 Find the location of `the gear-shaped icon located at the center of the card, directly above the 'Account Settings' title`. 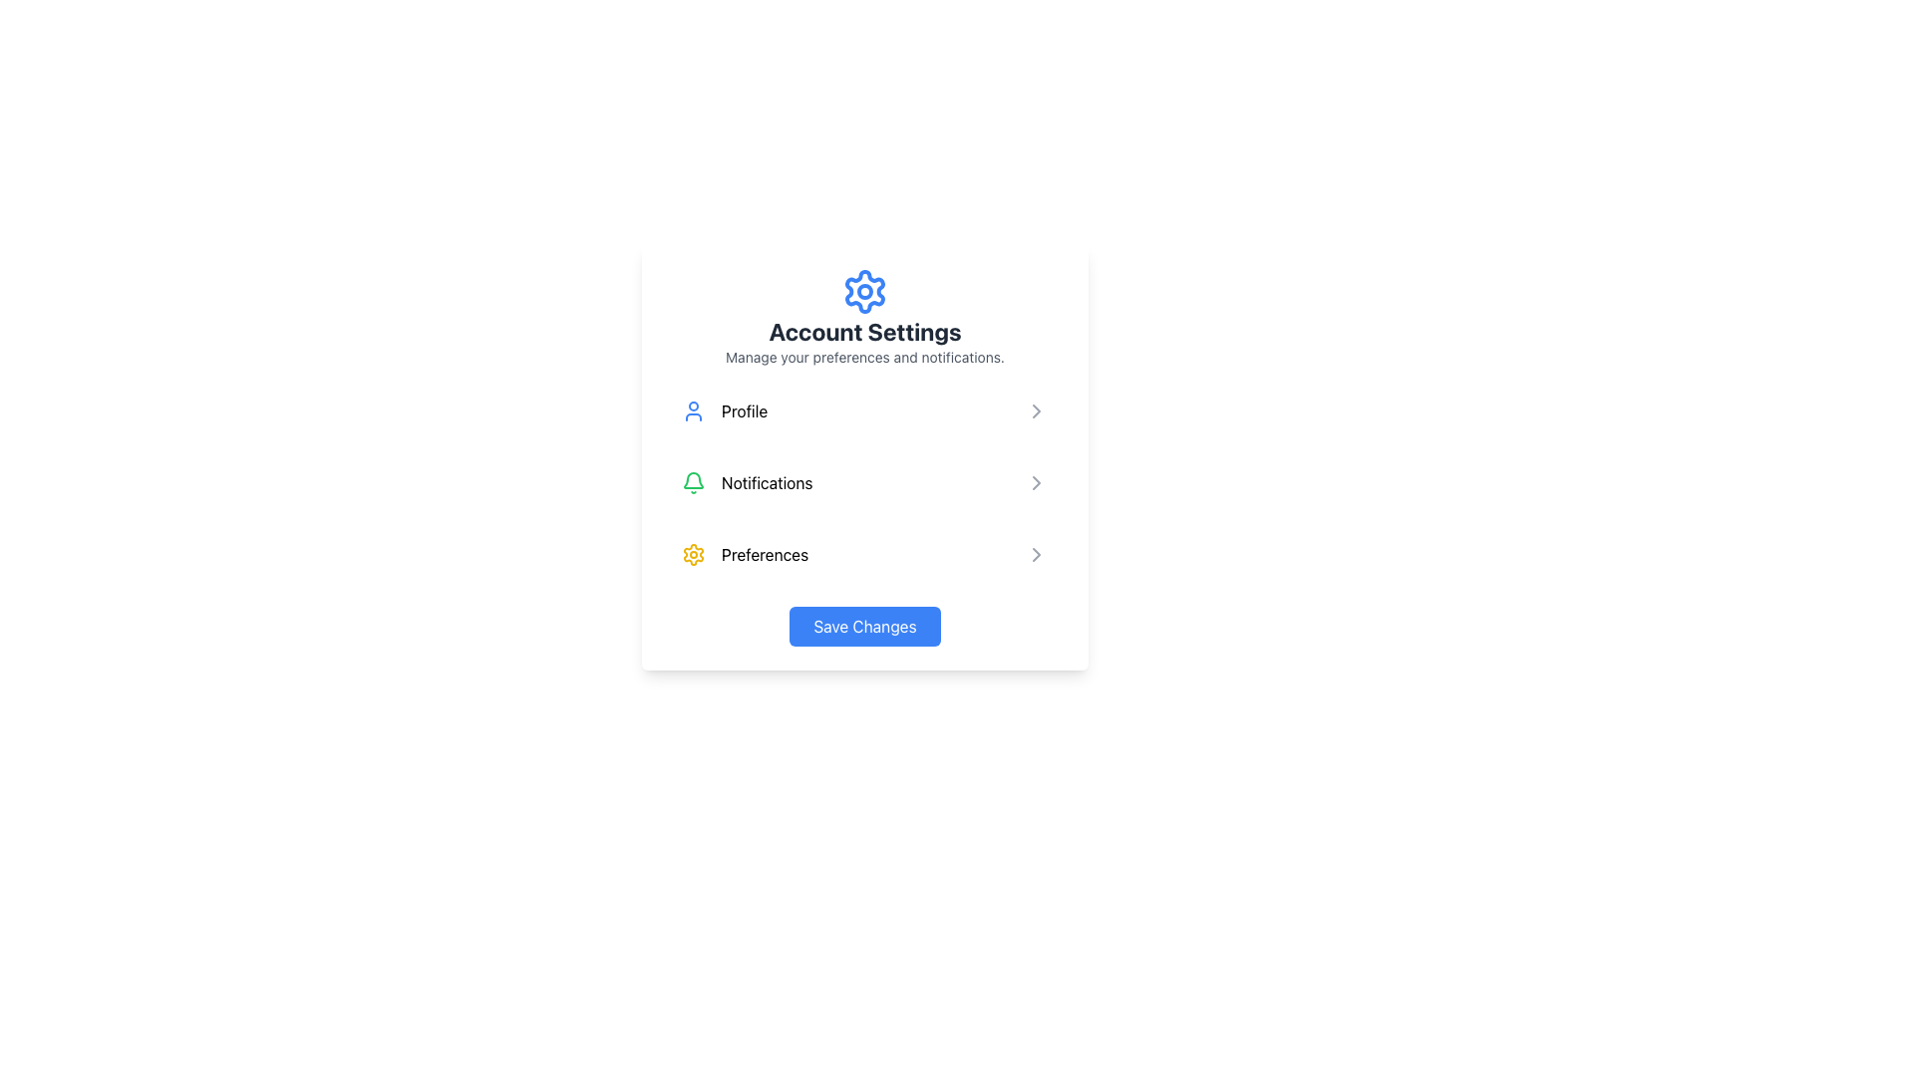

the gear-shaped icon located at the center of the card, directly above the 'Account Settings' title is located at coordinates (865, 292).